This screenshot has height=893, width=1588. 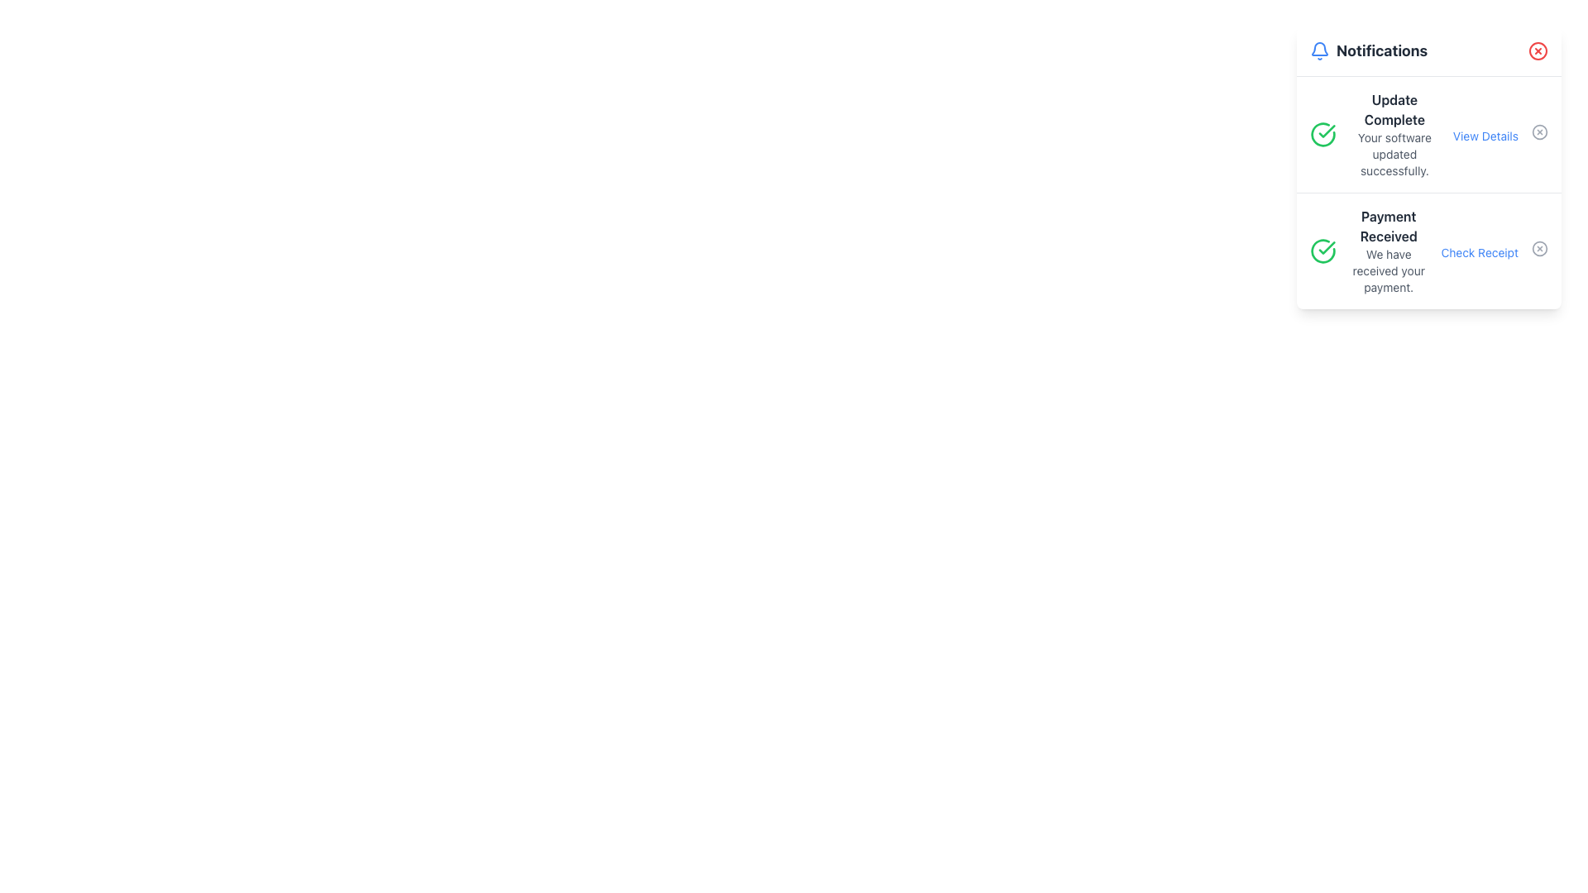 I want to click on the Text Label, so click(x=1389, y=226).